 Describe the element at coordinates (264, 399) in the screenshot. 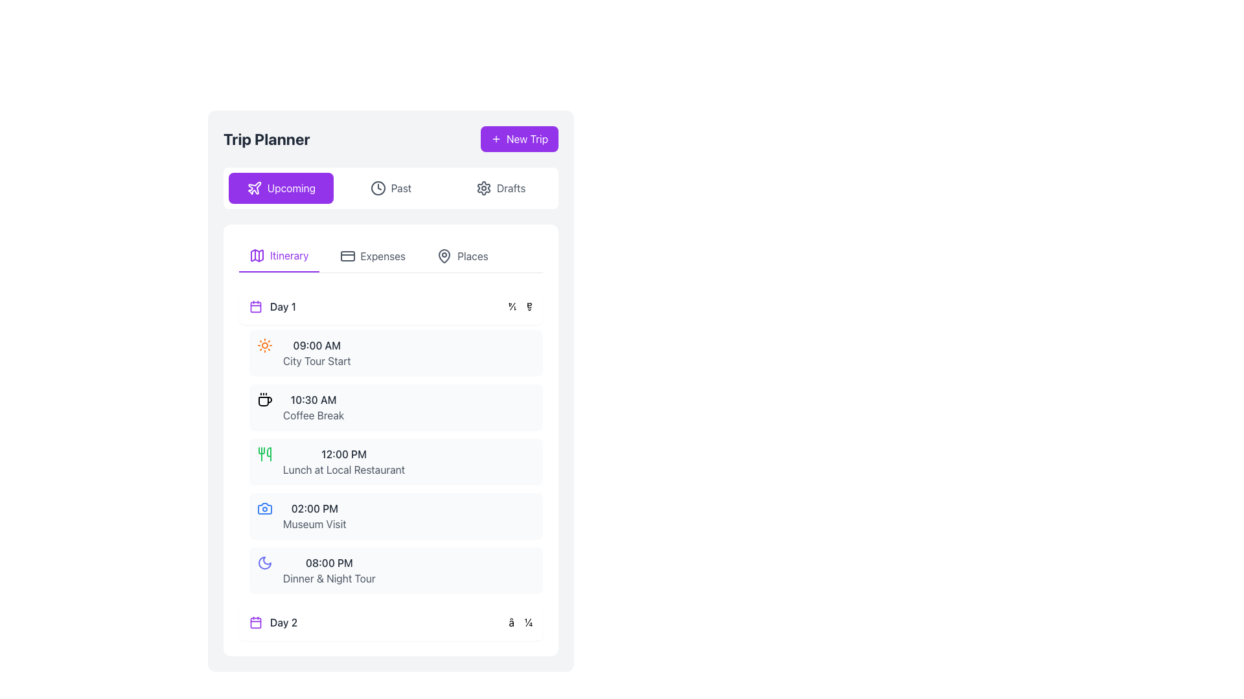

I see `the coffee icon representing the 'Coffee Break' scheduled at 10:30 AM in the itinerary, located in the second row under 'Day 1'` at that location.